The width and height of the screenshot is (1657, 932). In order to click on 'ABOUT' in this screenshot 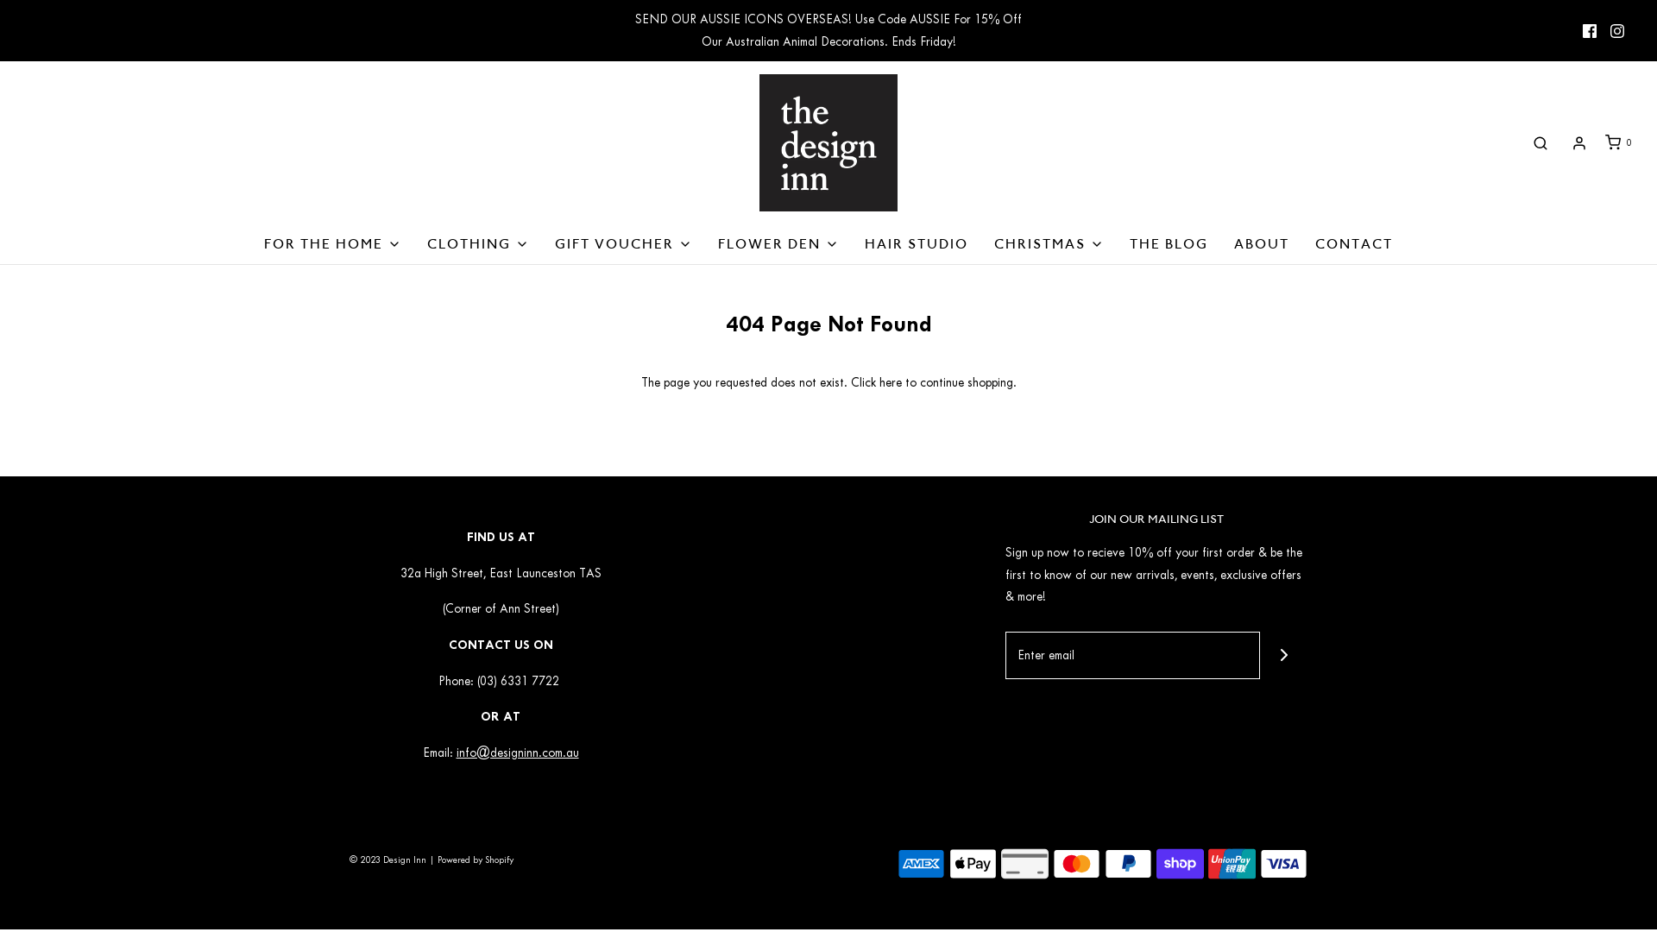, I will do `click(1233, 243)`.